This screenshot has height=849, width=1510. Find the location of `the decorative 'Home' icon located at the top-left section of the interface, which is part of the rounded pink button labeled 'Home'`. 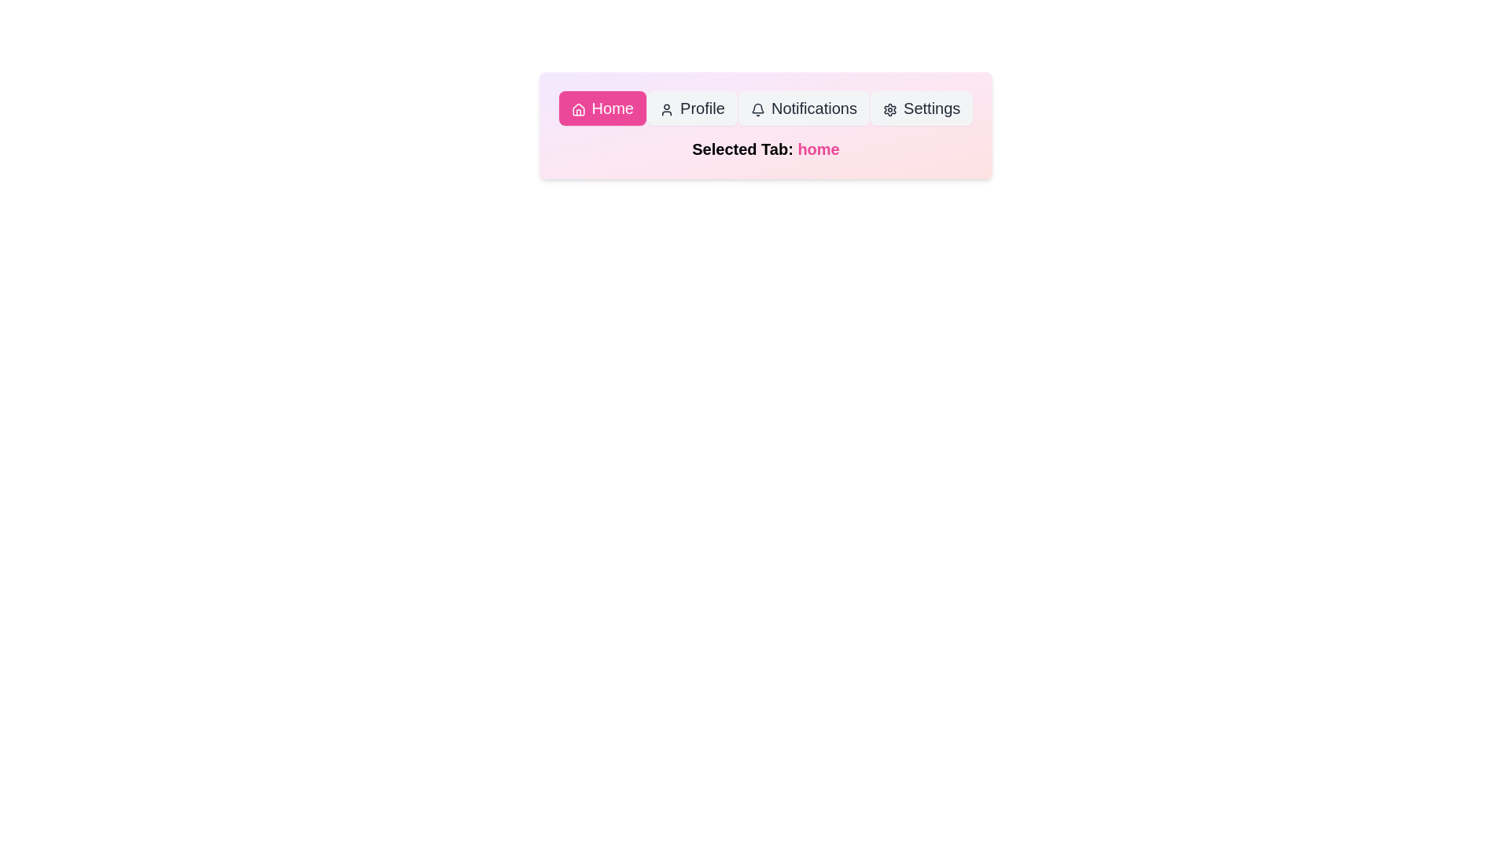

the decorative 'Home' icon located at the top-left section of the interface, which is part of the rounded pink button labeled 'Home' is located at coordinates (577, 108).